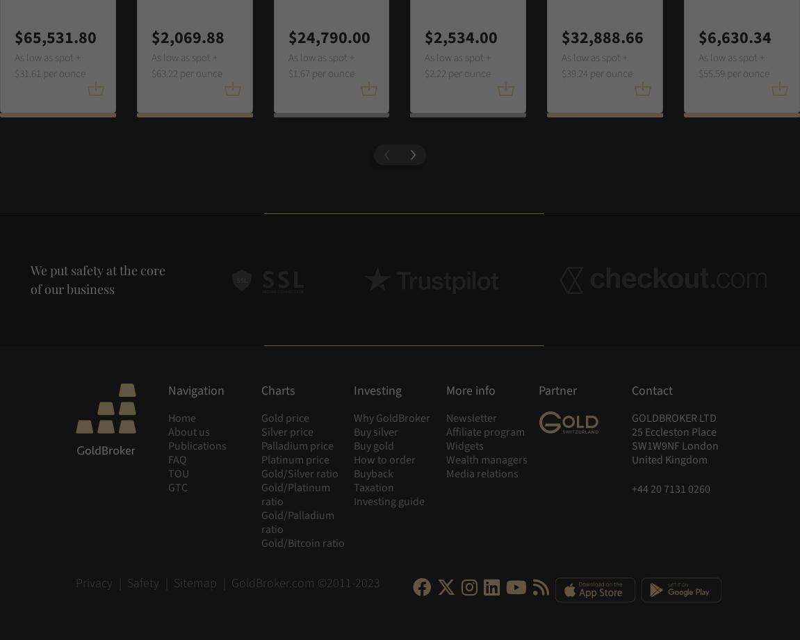  Describe the element at coordinates (630, 432) in the screenshot. I see `'25 Eccleston Place'` at that location.